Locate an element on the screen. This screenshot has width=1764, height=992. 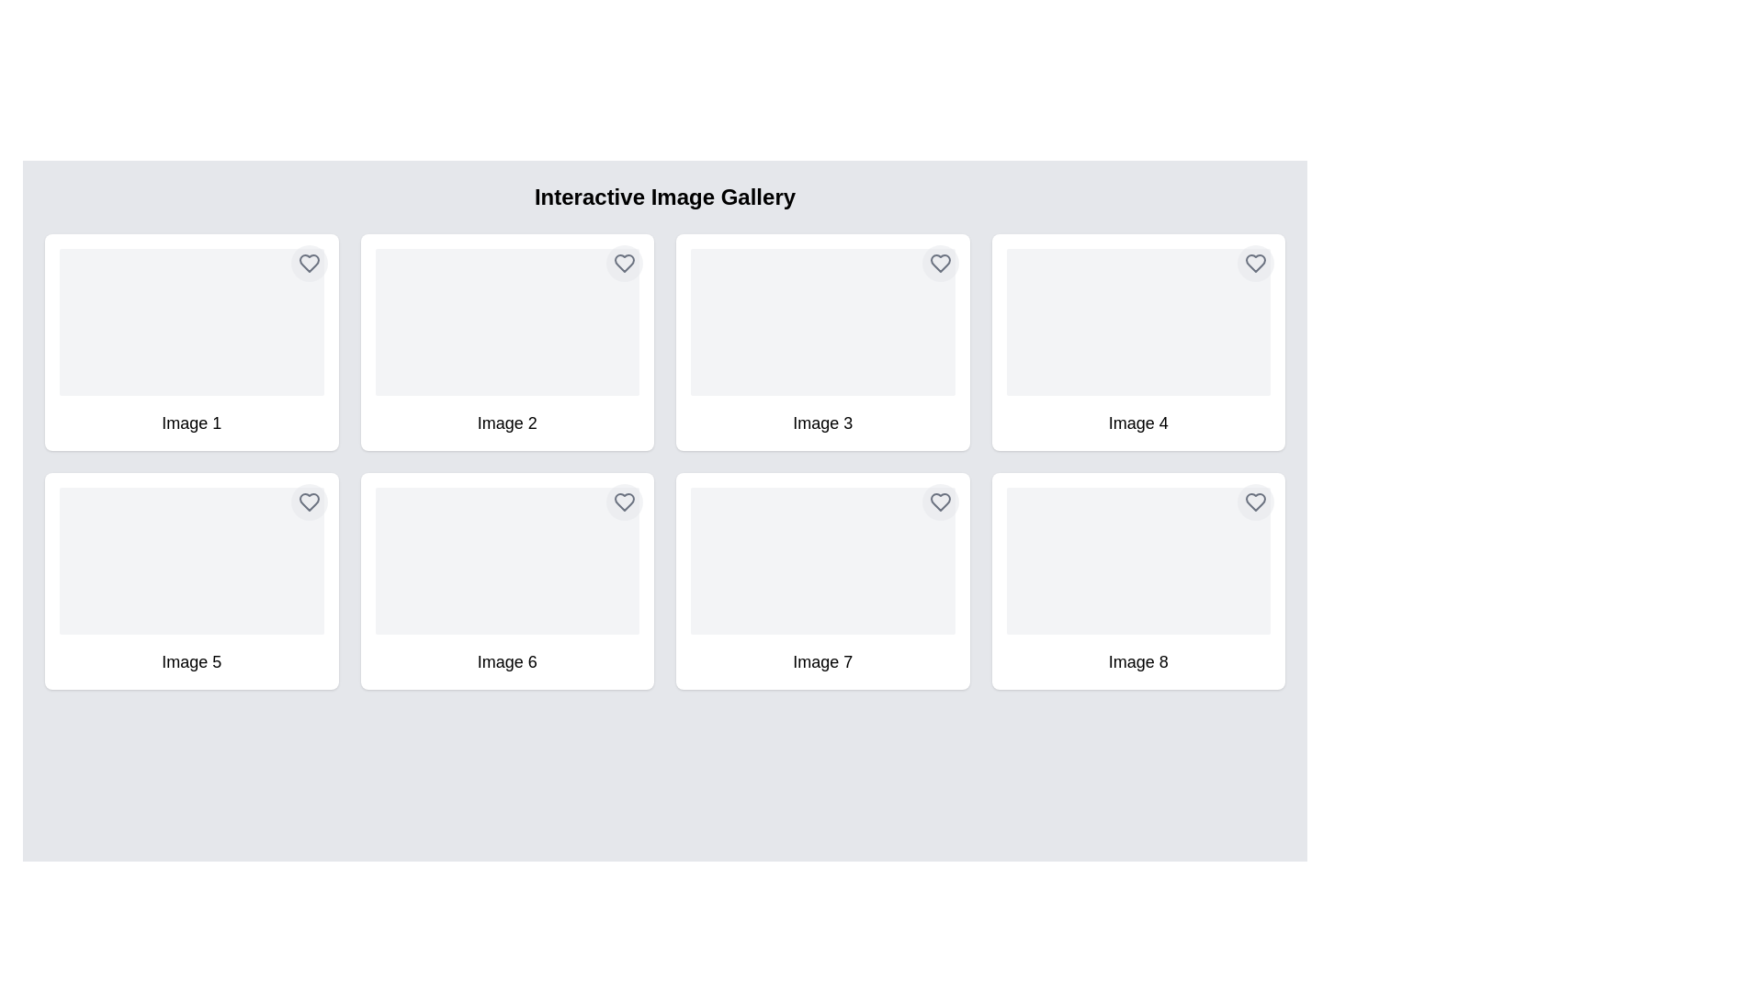
the like button located in the top-right corner of the card labeled 'Image 7' is located at coordinates (940, 502).